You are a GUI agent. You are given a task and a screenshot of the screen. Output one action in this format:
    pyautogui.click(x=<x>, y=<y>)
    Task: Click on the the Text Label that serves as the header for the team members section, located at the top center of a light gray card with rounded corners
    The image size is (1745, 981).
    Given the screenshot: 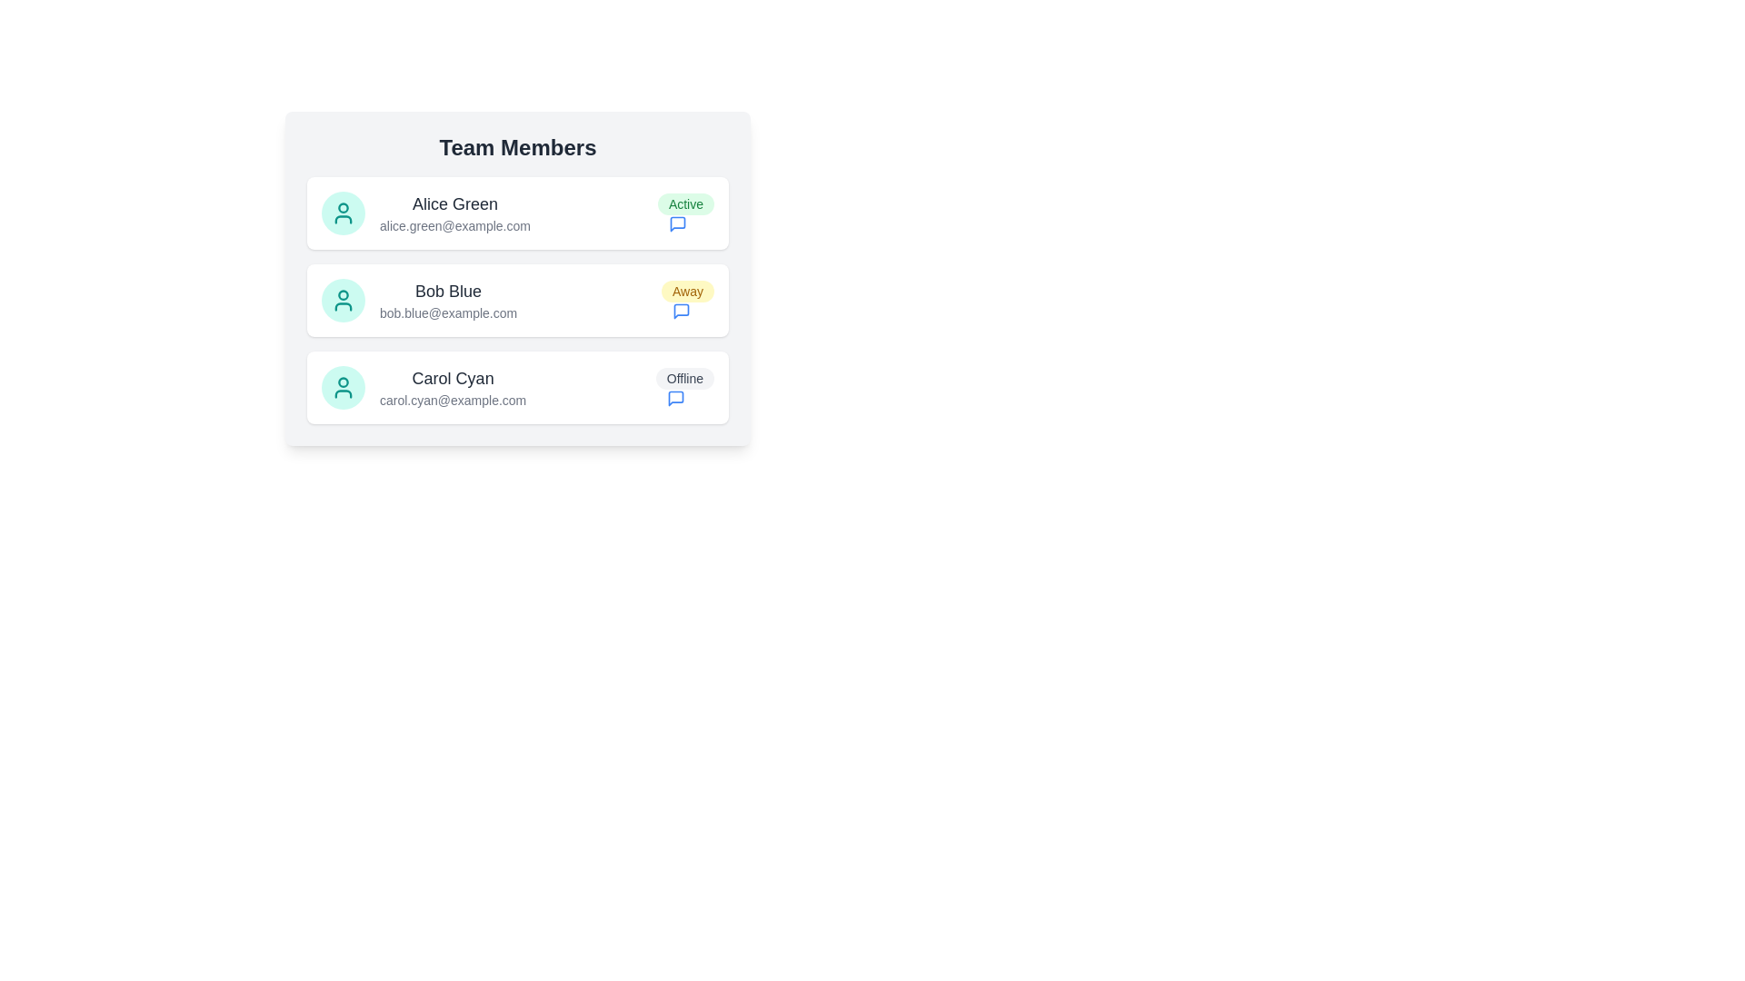 What is the action you would take?
    pyautogui.click(x=517, y=146)
    